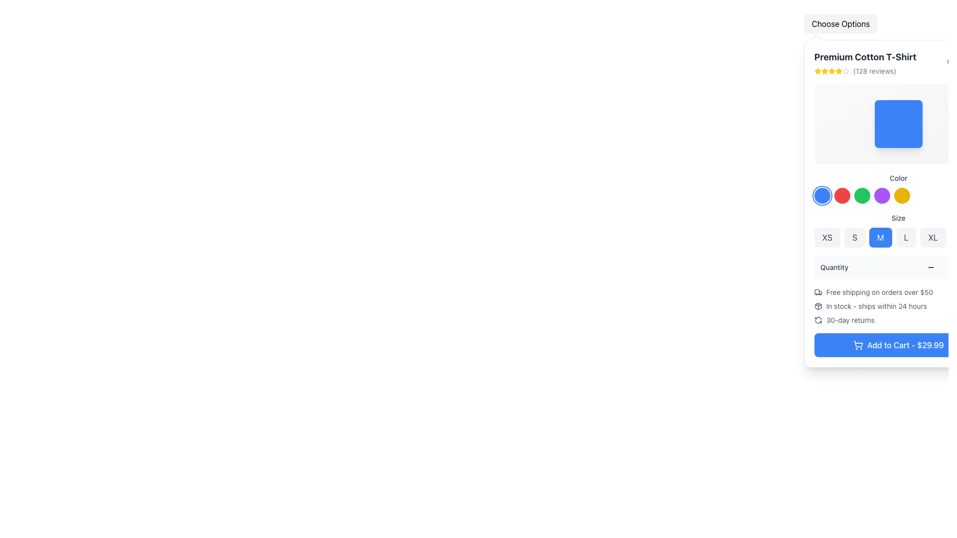 The height and width of the screenshot is (538, 957). I want to click on the third circular button with a bright green background in the 'Color' section to trigger the scaling effect, so click(861, 196).